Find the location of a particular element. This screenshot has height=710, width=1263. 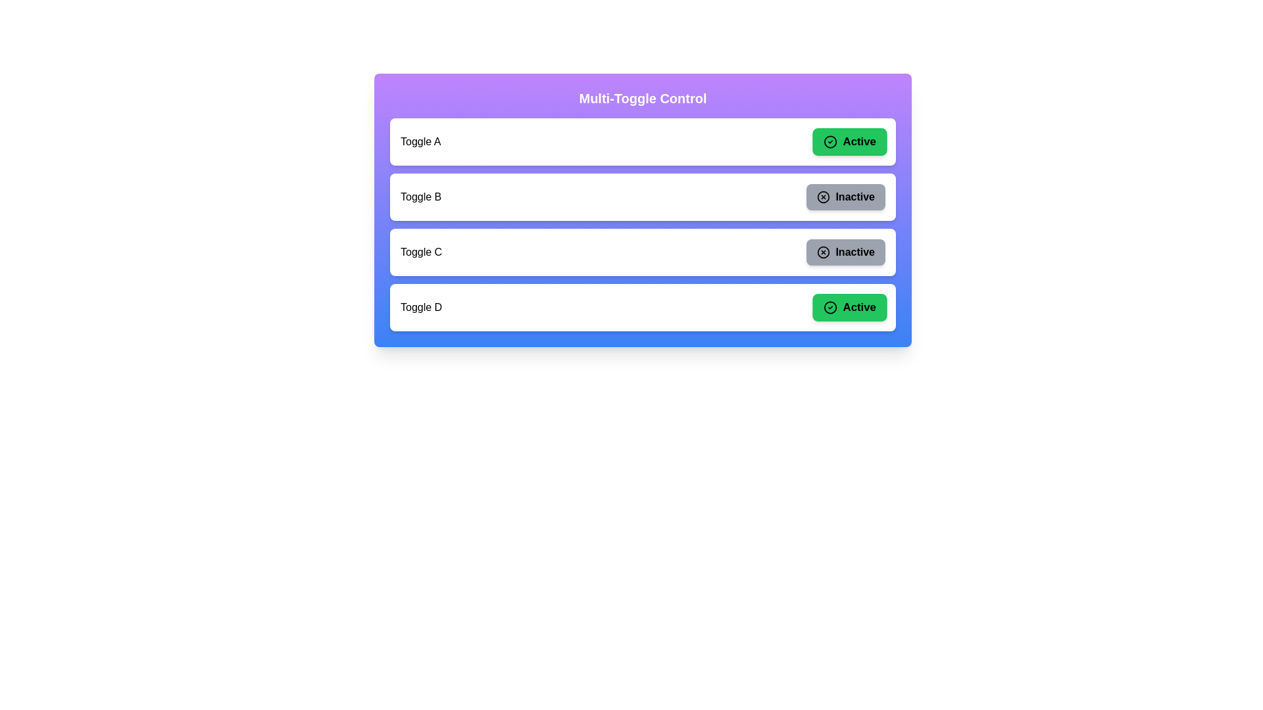

the text label 'Active' that indicates the current state of the toggle button, located on the topmost toggle control in a vertical stack of four toggle controls, within a green button aligned with 'Toggle A.' is located at coordinates (859, 142).